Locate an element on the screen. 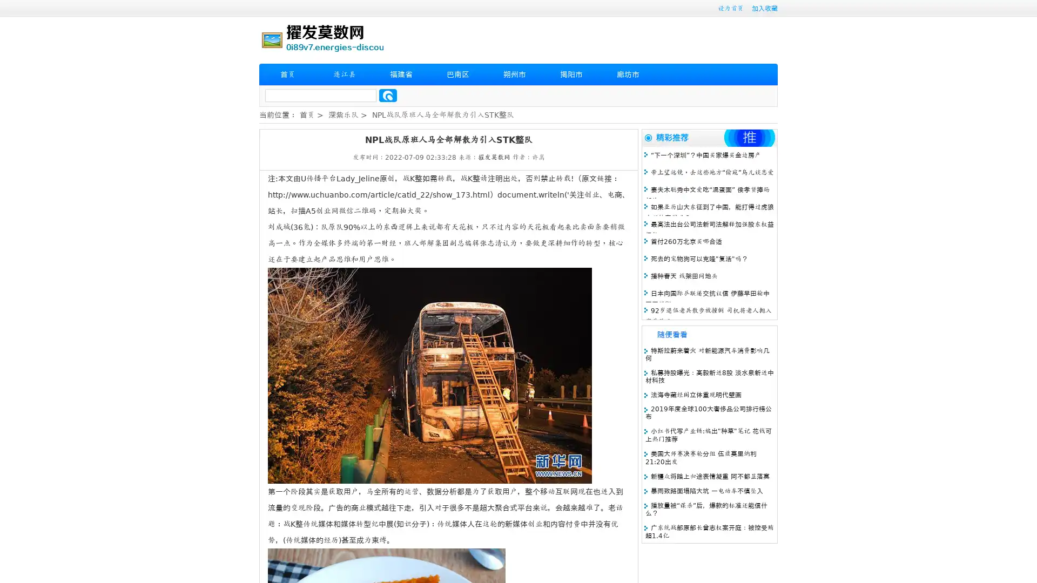 The height and width of the screenshot is (583, 1037). Search is located at coordinates (388, 95).